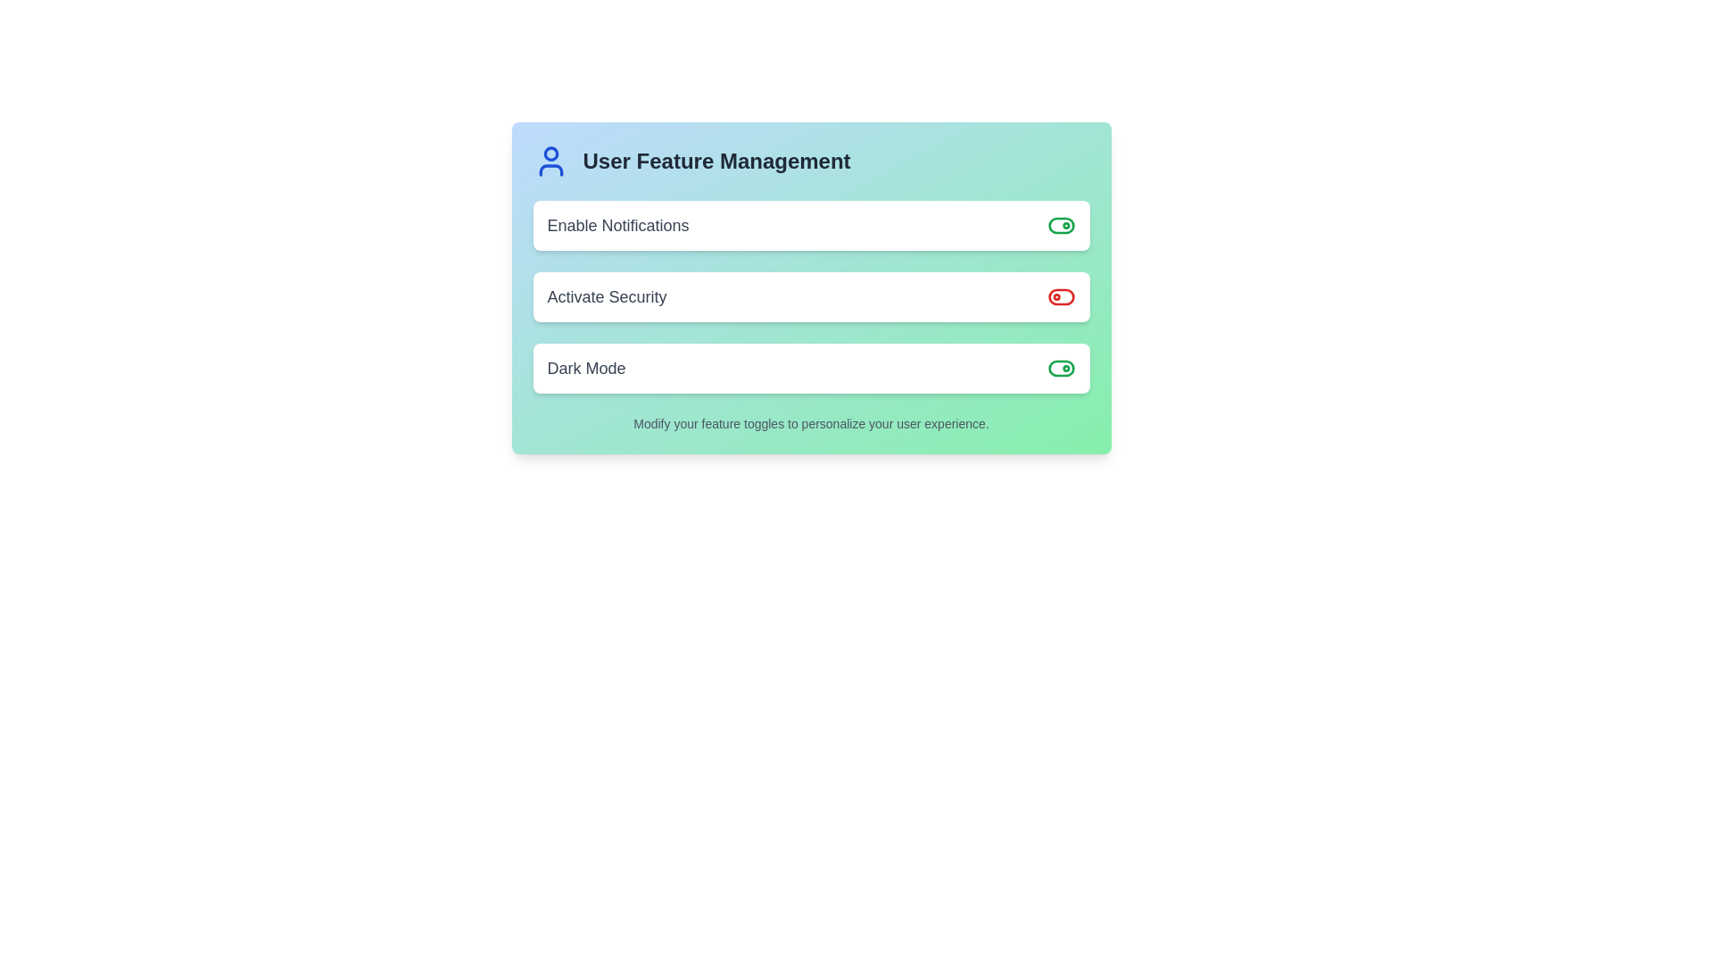 This screenshot has height=964, width=1713. I want to click on properties of the decorative circle icon located to the right of the title 'User Feature Management', so click(550, 153).